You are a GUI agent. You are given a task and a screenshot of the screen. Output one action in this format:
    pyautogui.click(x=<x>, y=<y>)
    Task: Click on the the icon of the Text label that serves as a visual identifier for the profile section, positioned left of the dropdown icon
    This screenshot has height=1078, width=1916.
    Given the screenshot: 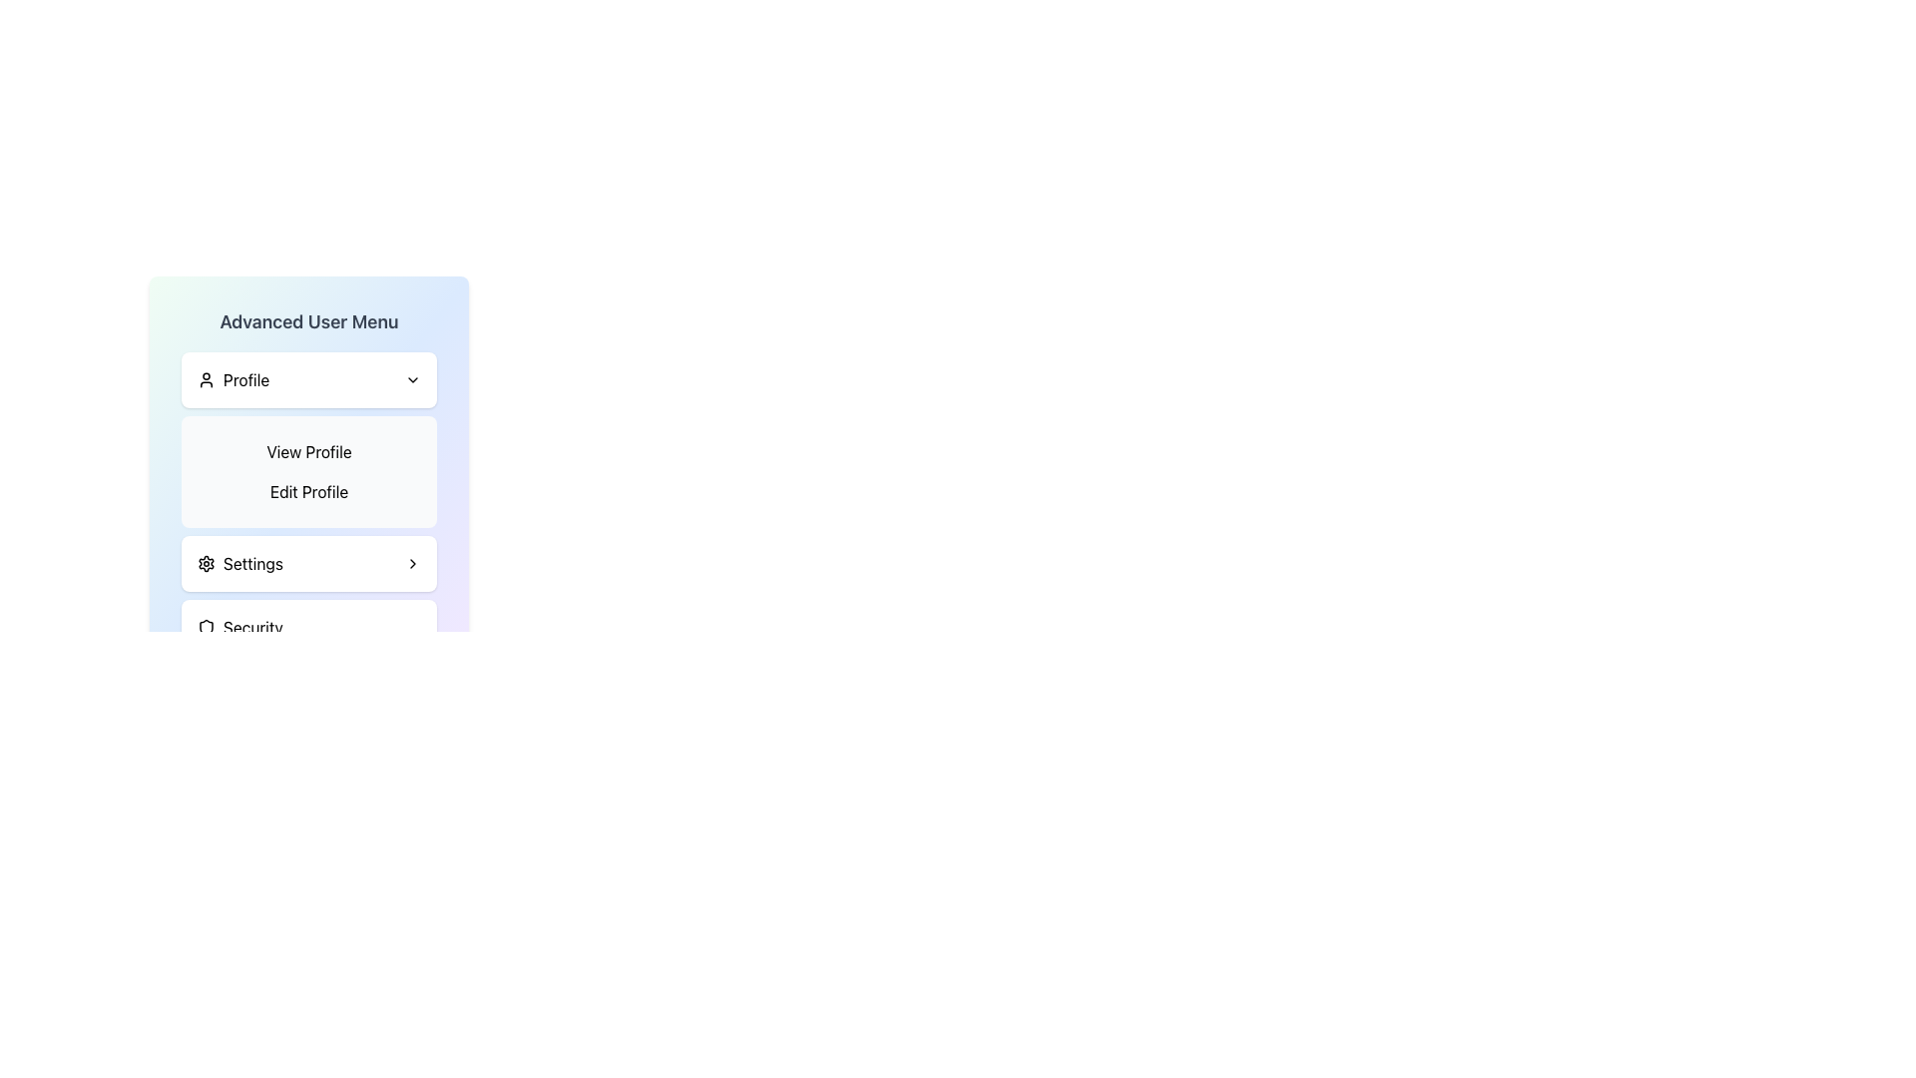 What is the action you would take?
    pyautogui.click(x=234, y=380)
    